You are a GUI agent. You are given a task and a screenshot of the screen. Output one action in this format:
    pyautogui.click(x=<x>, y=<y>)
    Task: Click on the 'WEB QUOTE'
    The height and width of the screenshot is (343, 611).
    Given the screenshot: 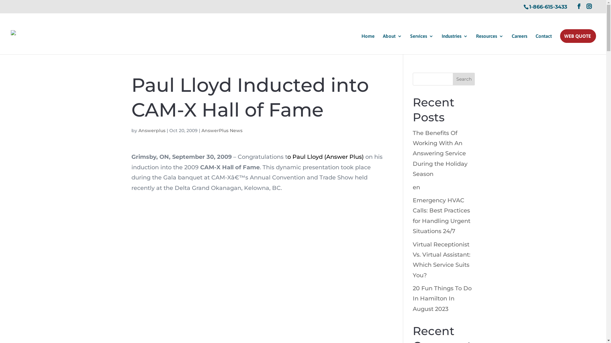 What is the action you would take?
    pyautogui.click(x=577, y=44)
    